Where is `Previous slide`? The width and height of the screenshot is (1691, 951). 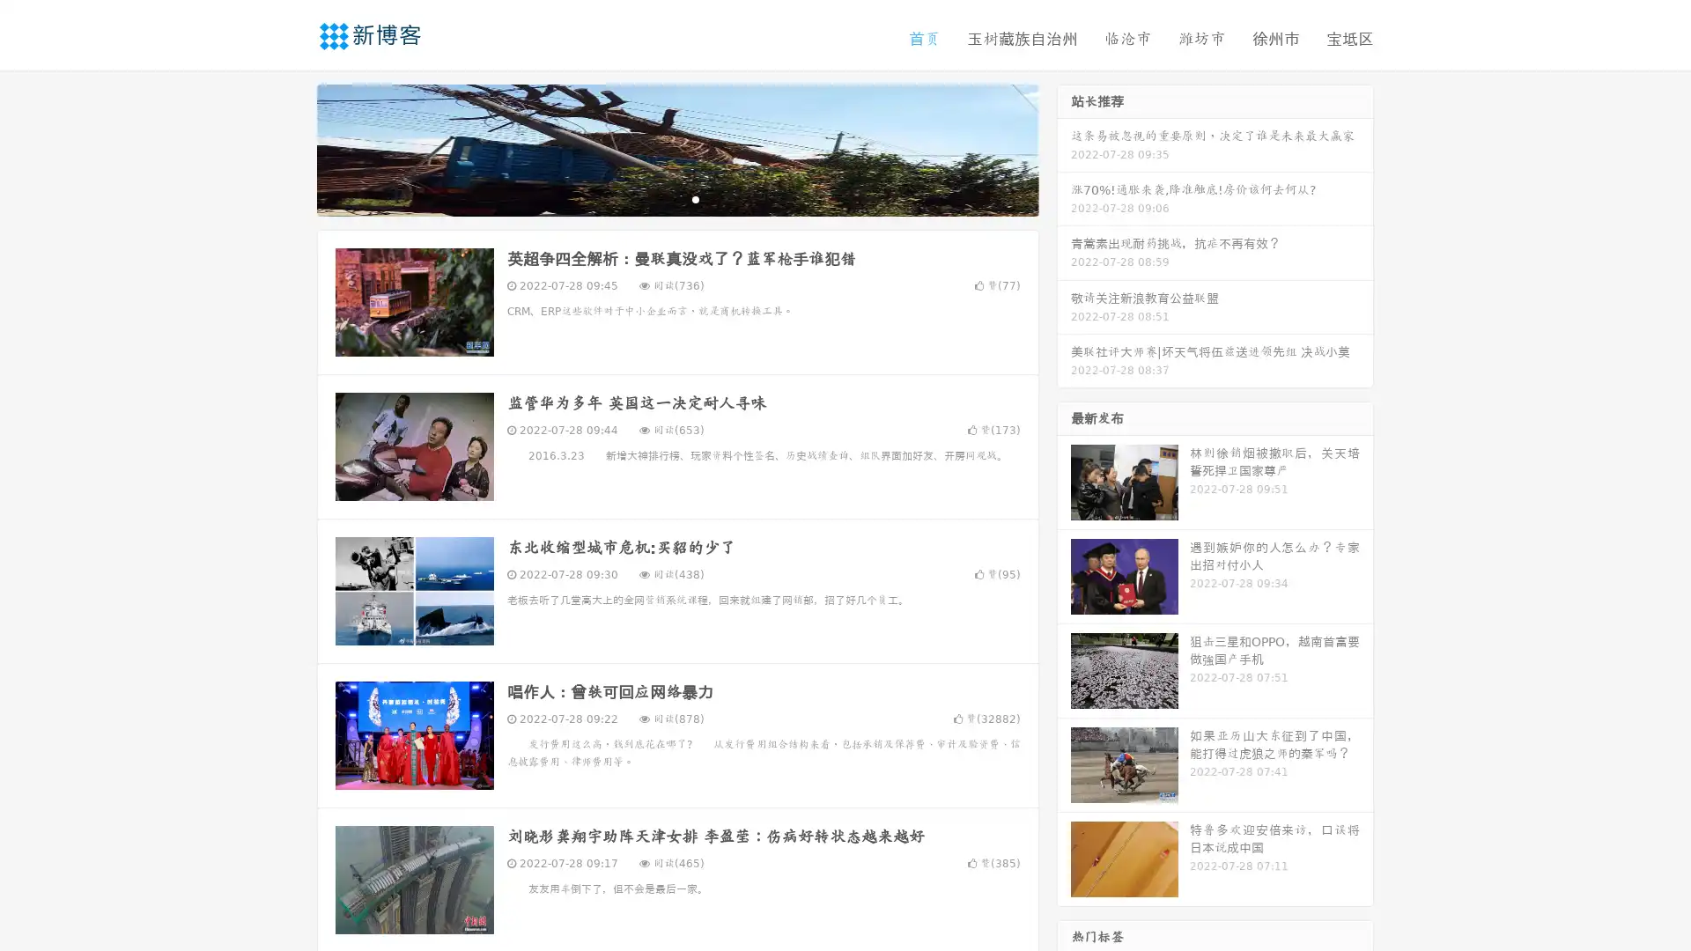 Previous slide is located at coordinates (291, 148).